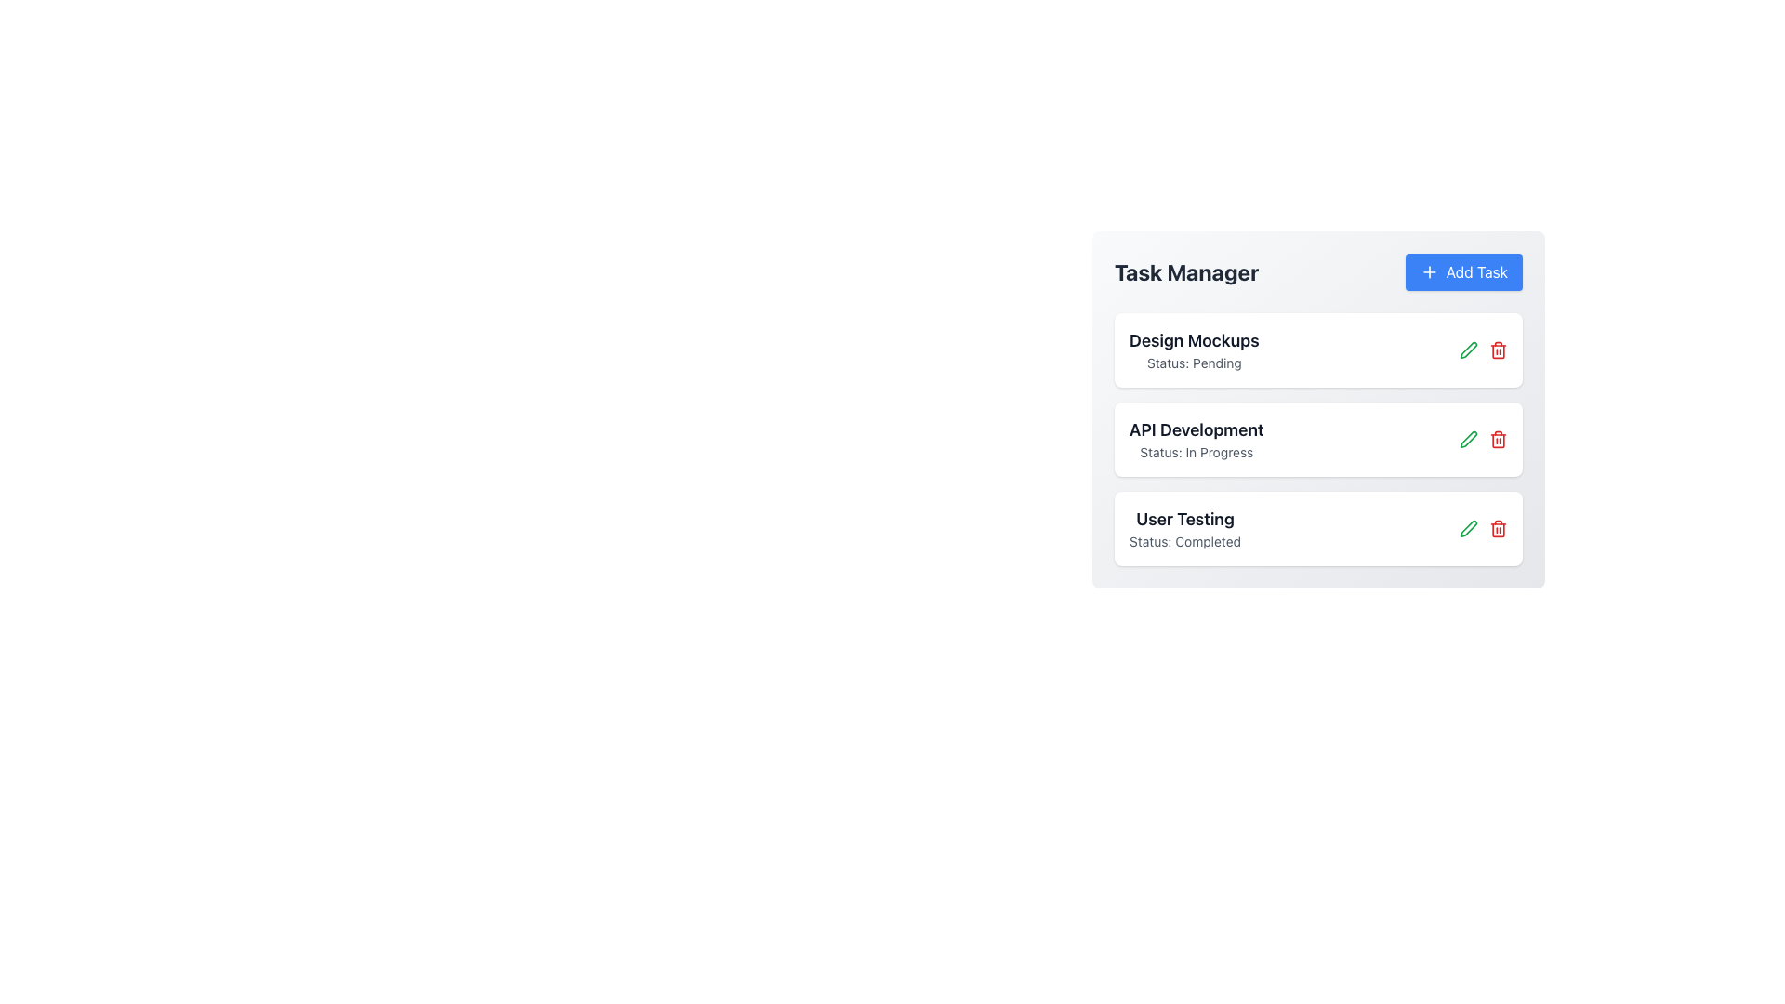 The image size is (1785, 1004). I want to click on the second task card in the Task Manager section, which displays task details and associated controls, so click(1317, 440).